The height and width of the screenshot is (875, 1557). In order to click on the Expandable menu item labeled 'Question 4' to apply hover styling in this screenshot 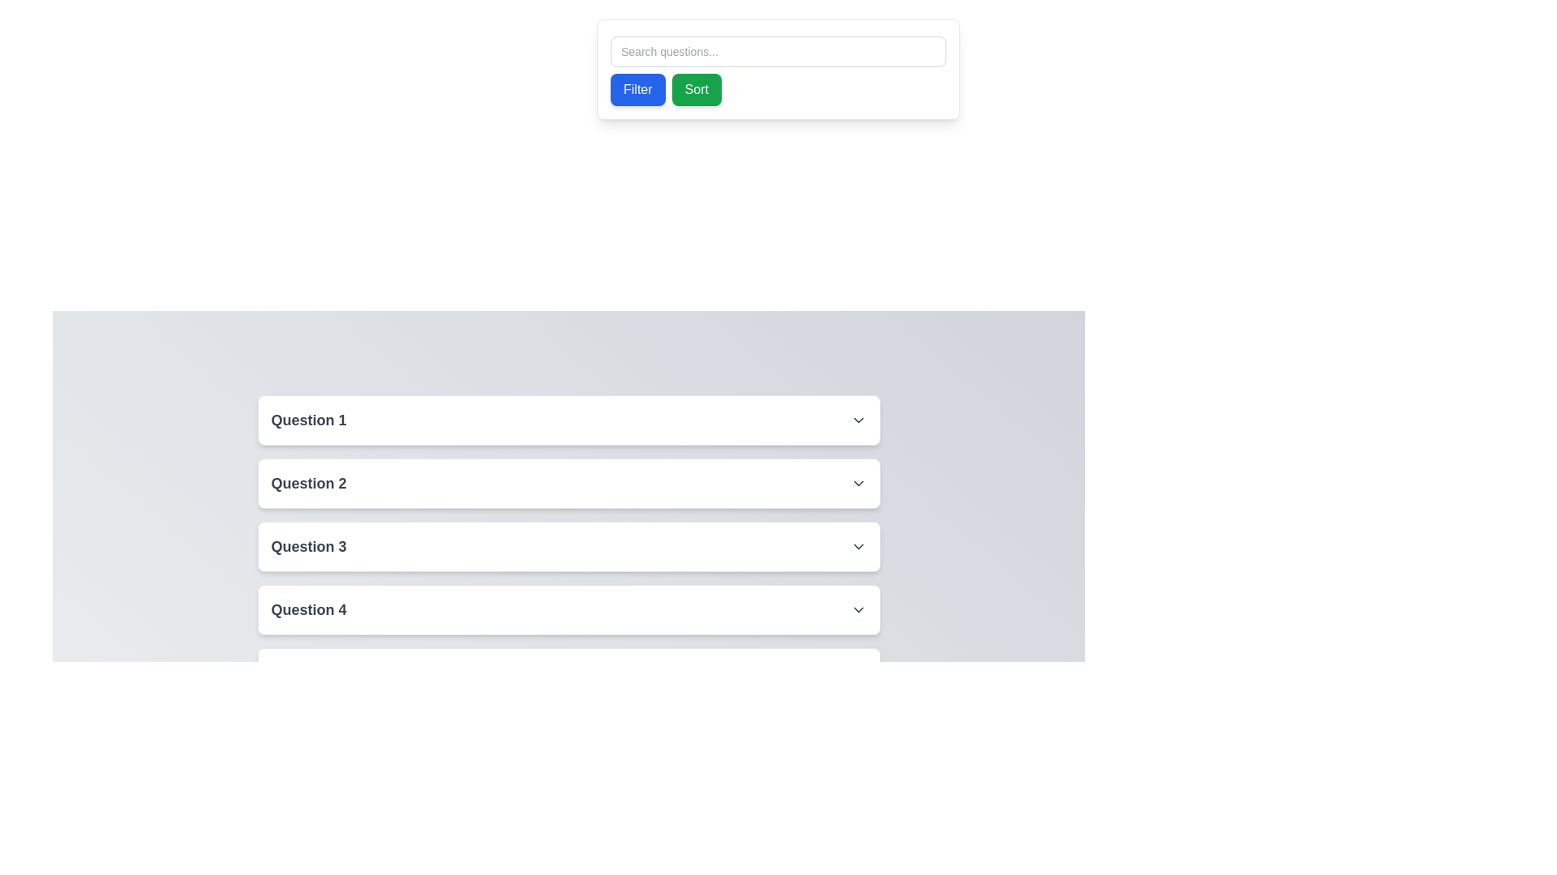, I will do `click(568, 609)`.